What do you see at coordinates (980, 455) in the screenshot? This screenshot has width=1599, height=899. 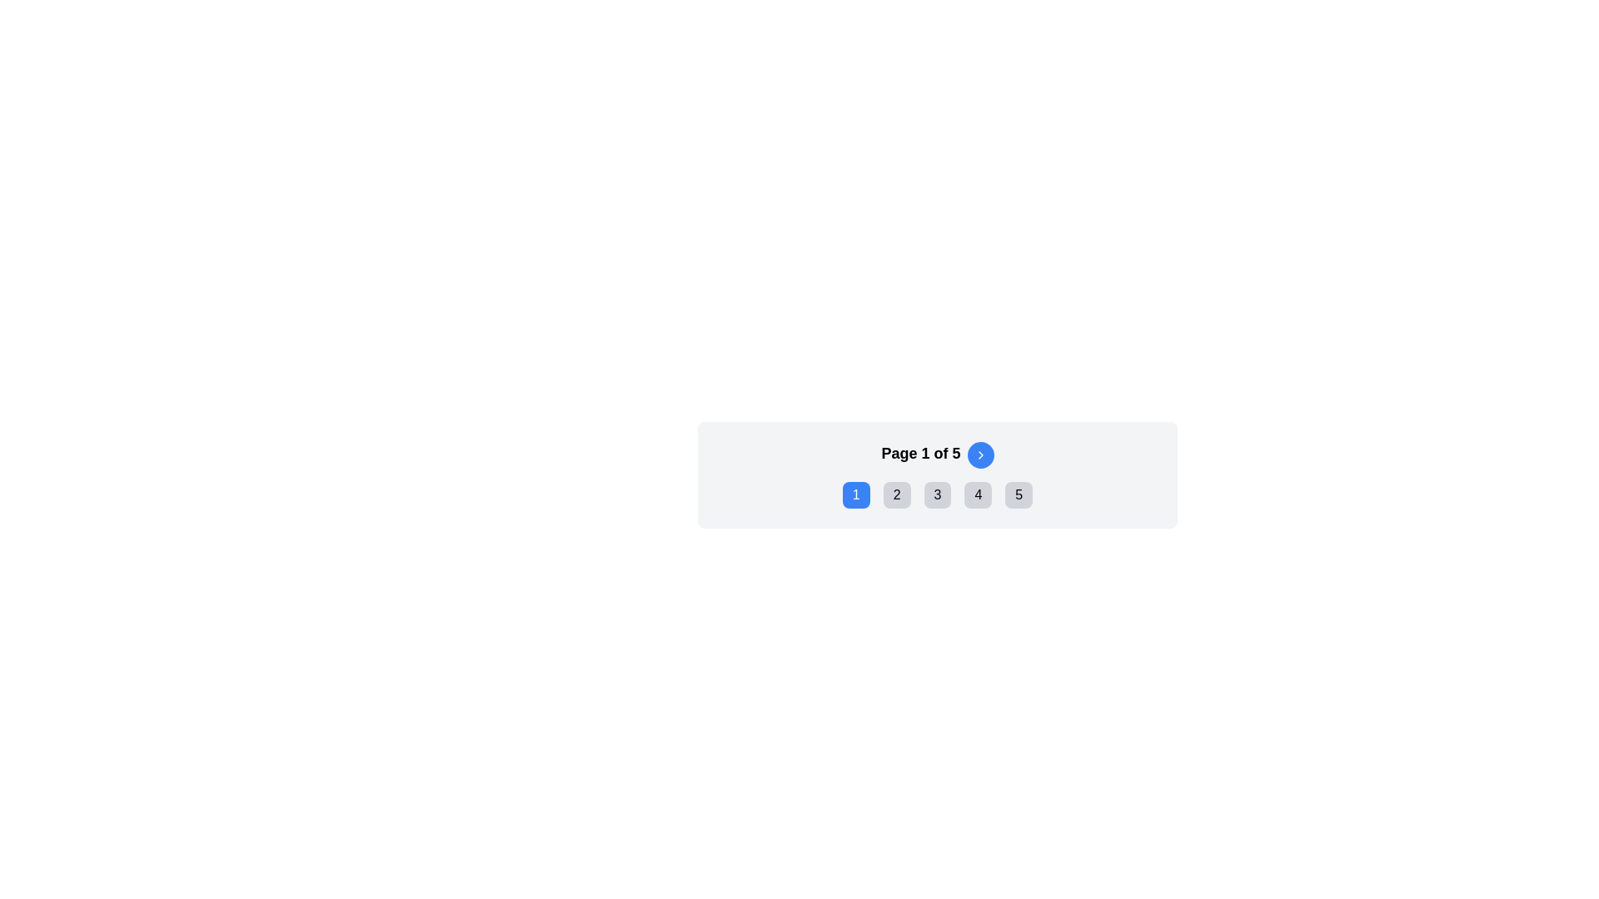 I see `the circular blue button with a white chevron icon located to the right of 'Page 1 of 5' to change its background color` at bounding box center [980, 455].